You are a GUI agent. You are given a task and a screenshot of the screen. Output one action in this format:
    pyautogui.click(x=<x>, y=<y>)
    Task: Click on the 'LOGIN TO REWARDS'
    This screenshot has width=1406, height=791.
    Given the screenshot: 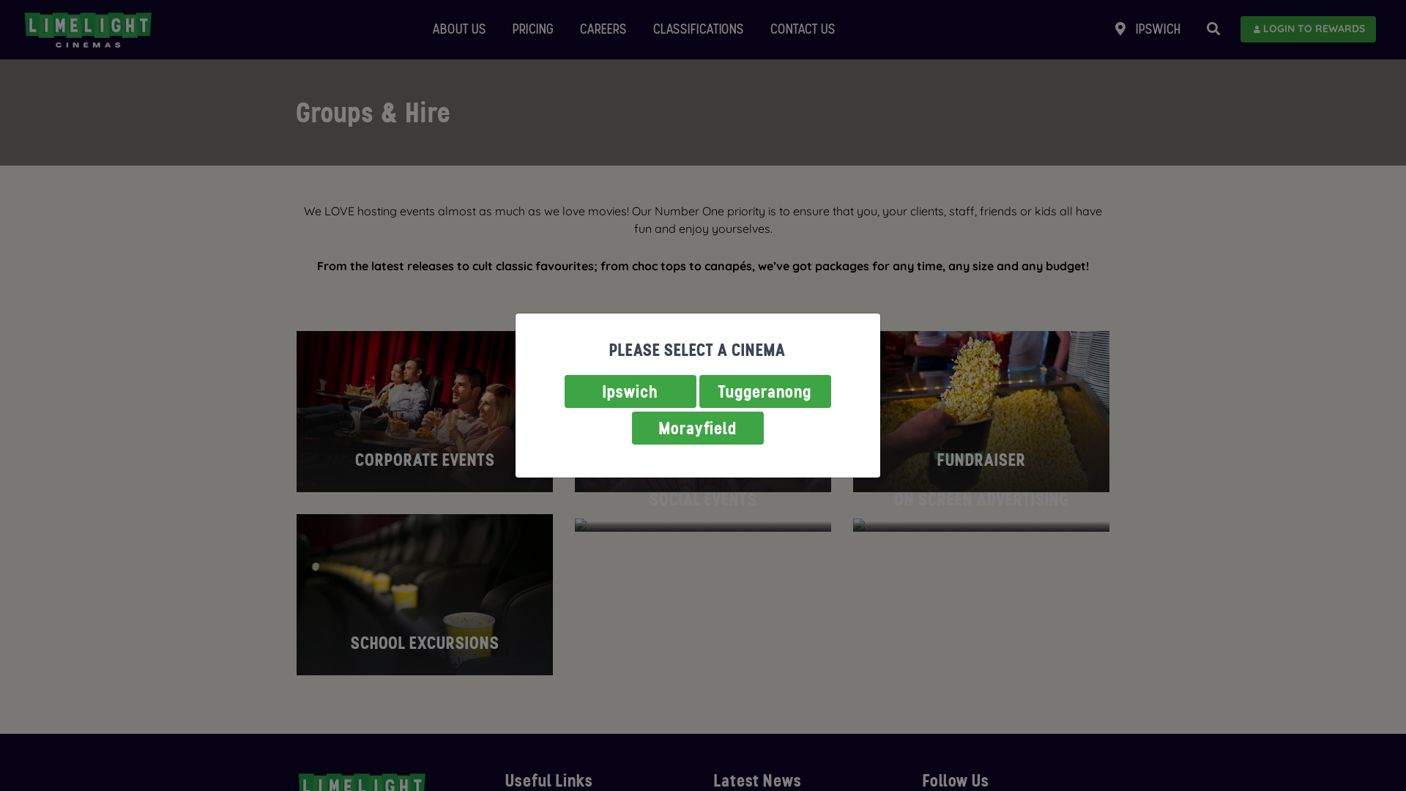 What is the action you would take?
    pyautogui.click(x=1308, y=29)
    